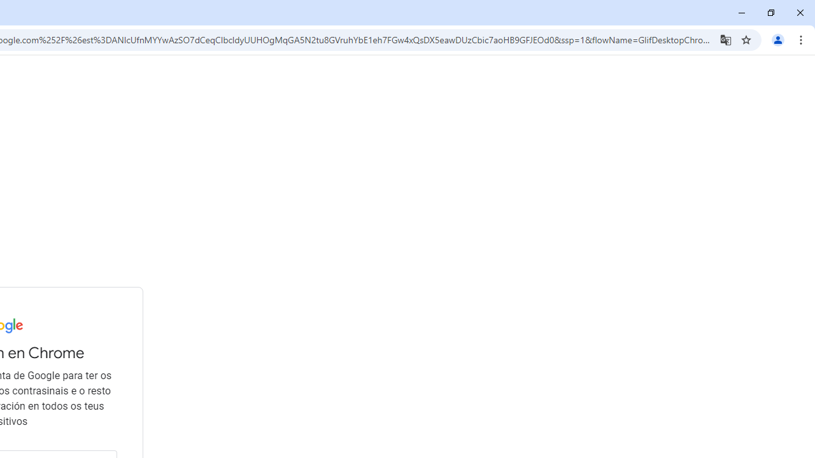 The width and height of the screenshot is (815, 458). What do you see at coordinates (802, 39) in the screenshot?
I see `'Chrome'` at bounding box center [802, 39].